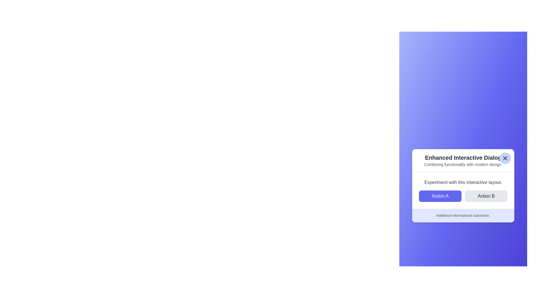 The height and width of the screenshot is (308, 548). Describe the element at coordinates (463, 182) in the screenshot. I see `the static text displaying 'Experiment with this interactive layout.' which is located in the middle section of the dialog box` at that location.